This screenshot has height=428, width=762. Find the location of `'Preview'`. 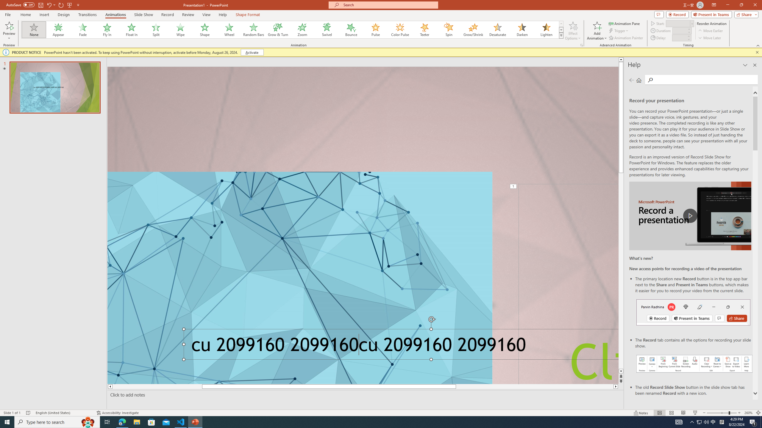

'Preview' is located at coordinates (9, 25).